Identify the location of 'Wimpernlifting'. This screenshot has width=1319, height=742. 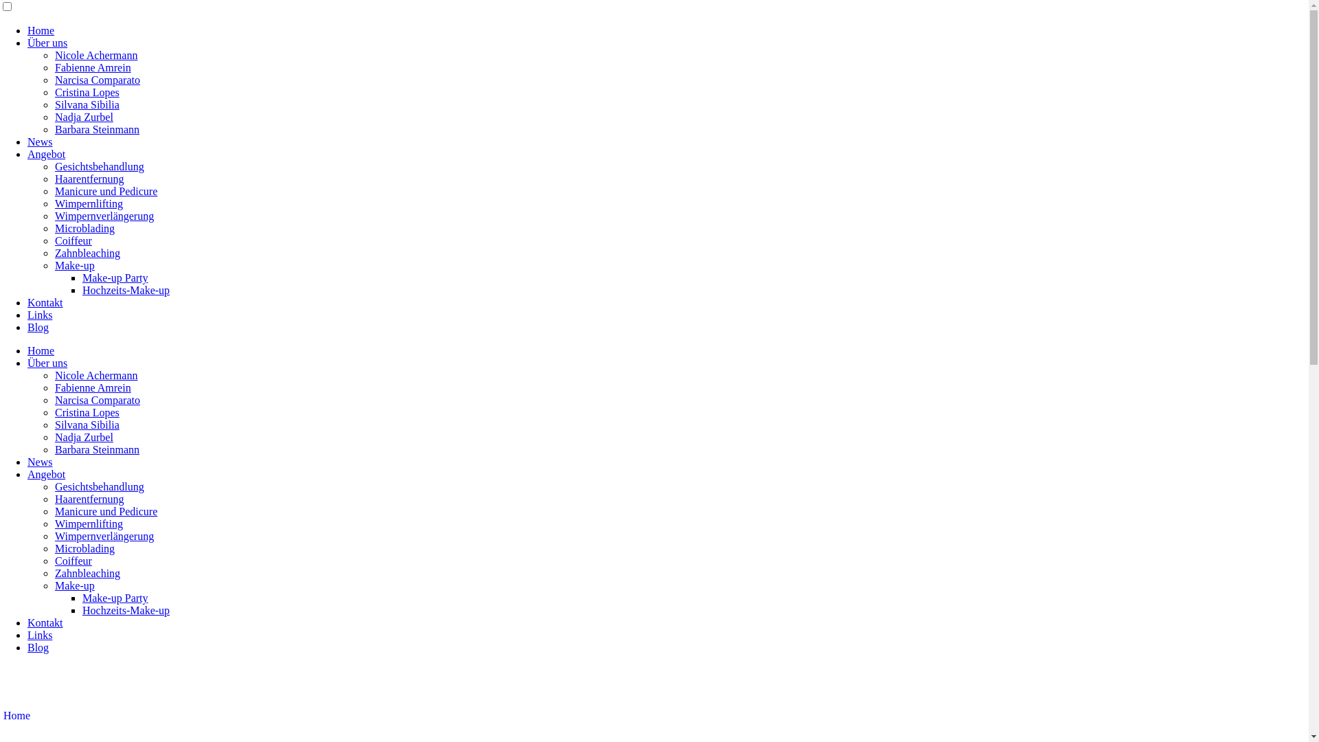
(55, 203).